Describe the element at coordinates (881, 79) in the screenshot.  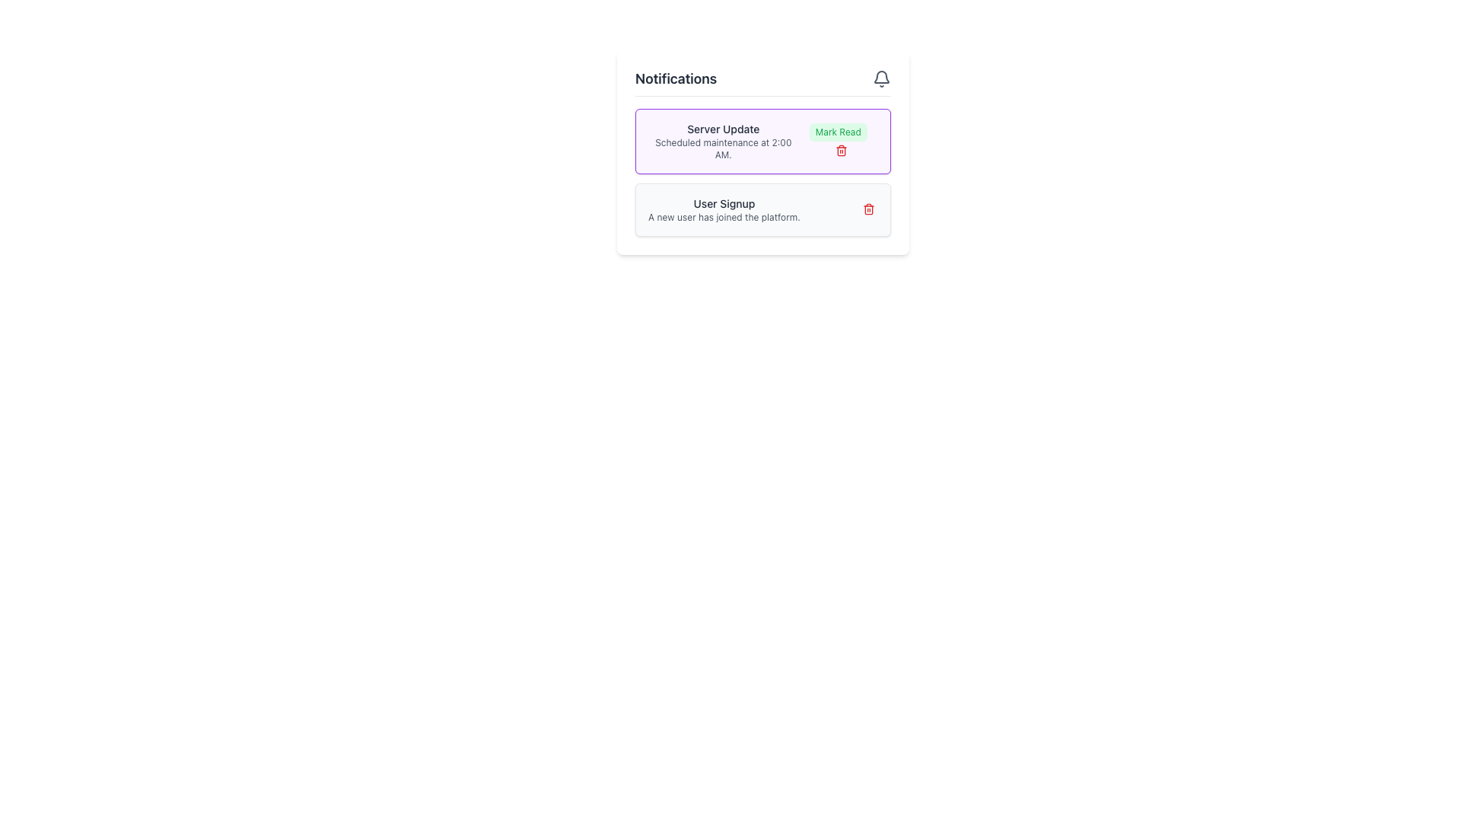
I see `the notification indicator icon located in the upper-right corner of the Notifications panel, next to the text 'Notifications'` at that location.